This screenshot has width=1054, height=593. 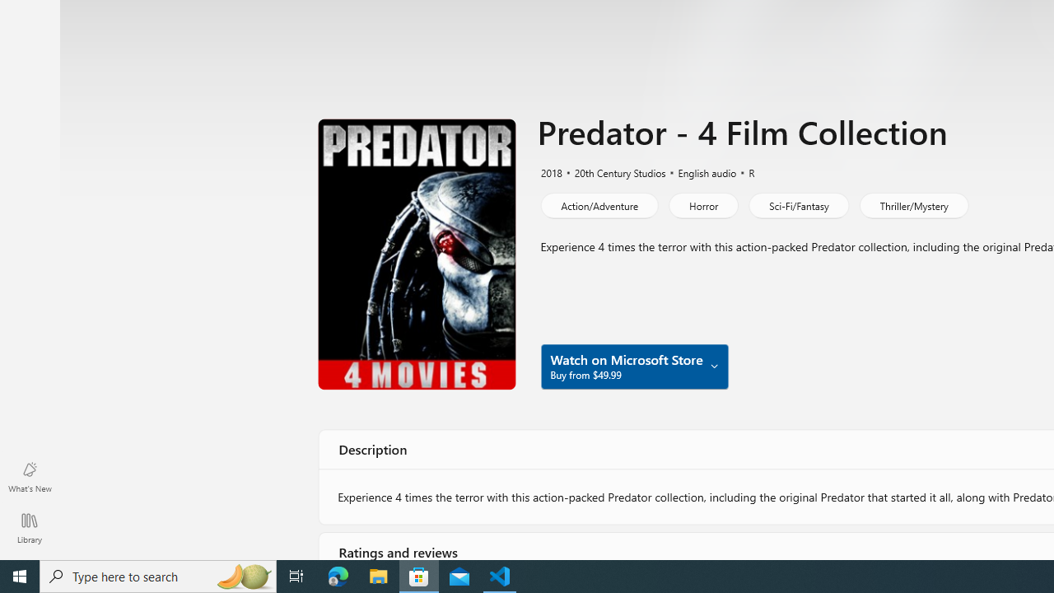 What do you see at coordinates (632, 365) in the screenshot?
I see `'Watch on Microsoft Store Buy from $49.99'` at bounding box center [632, 365].